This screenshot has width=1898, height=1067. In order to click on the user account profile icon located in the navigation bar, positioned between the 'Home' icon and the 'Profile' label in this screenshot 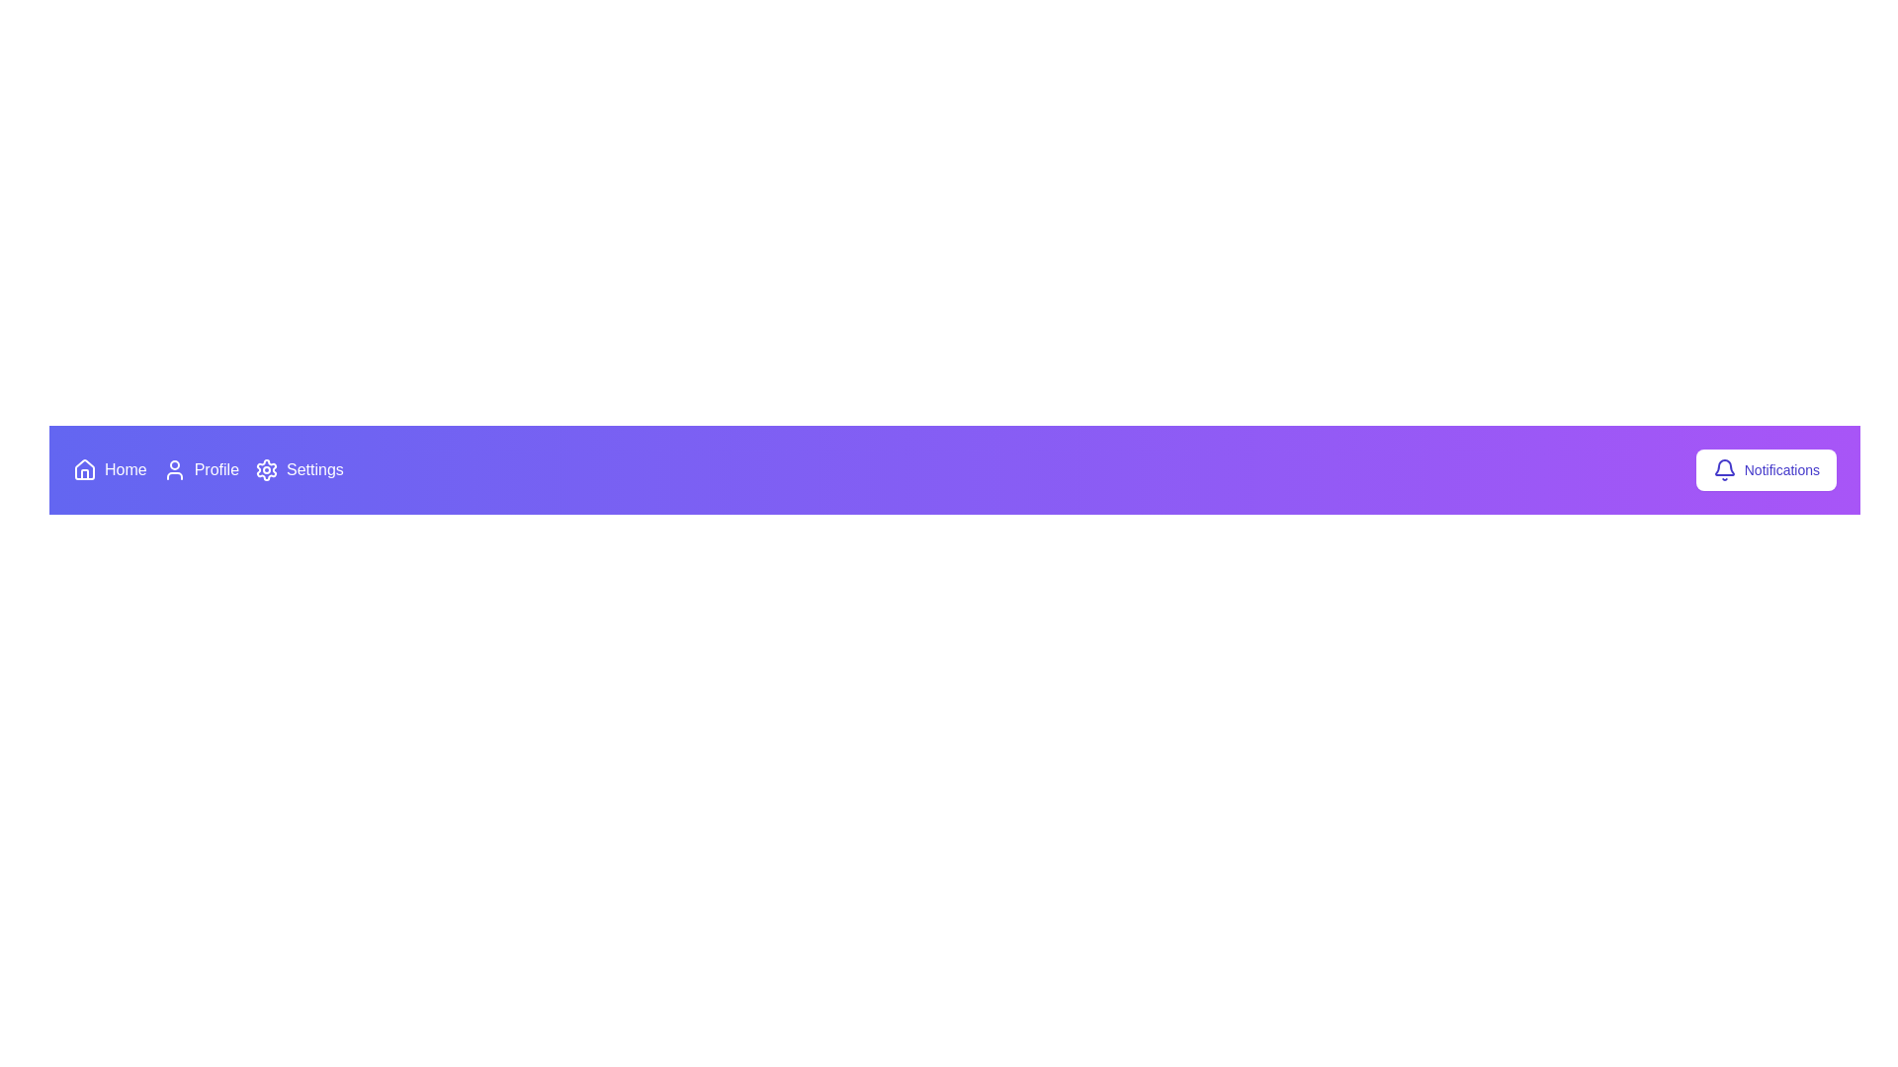, I will do `click(174, 469)`.